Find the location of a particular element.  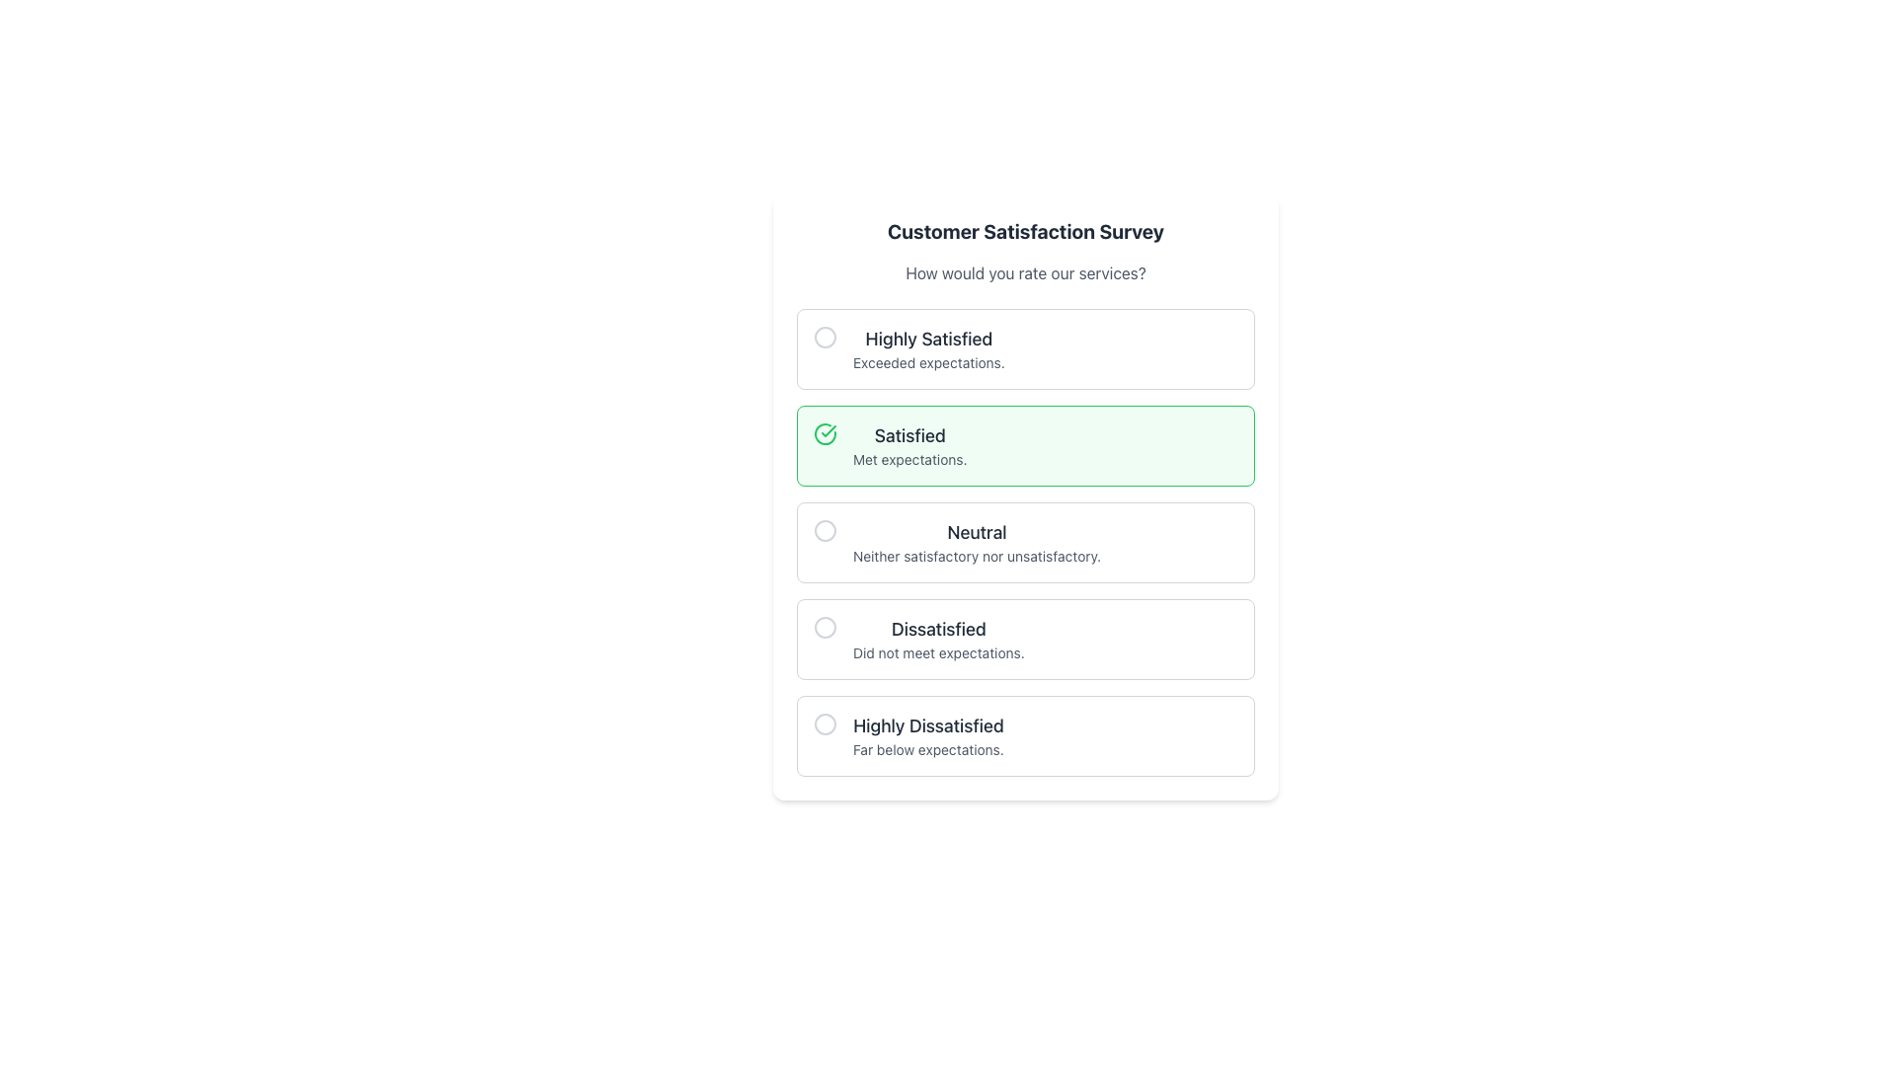

the text label 'Satisfied' which indicates the selected satisfaction level in the Customer Satisfaction Survey, located within the second selectable option highlighted with a light green background is located at coordinates (908, 435).